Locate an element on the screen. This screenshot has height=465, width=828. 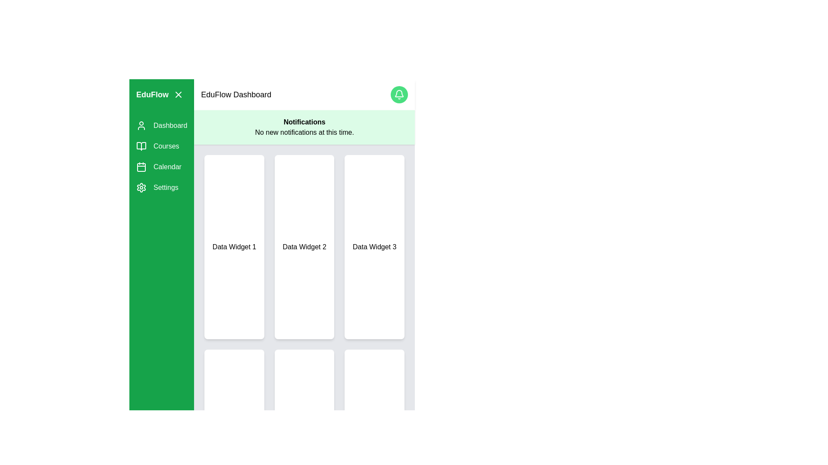
the 'Courses' icon in the sidebar navigation menu is located at coordinates (141, 146).